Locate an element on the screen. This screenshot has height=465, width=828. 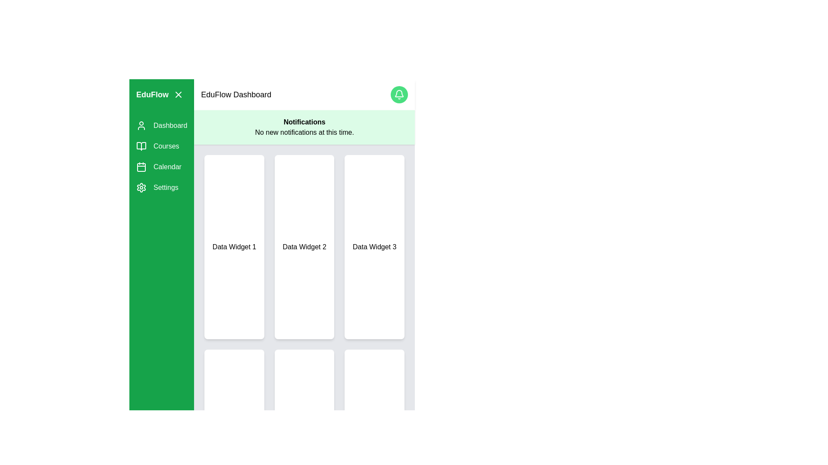
the 'Courses' icon in the sidebar navigation menu is located at coordinates (141, 146).